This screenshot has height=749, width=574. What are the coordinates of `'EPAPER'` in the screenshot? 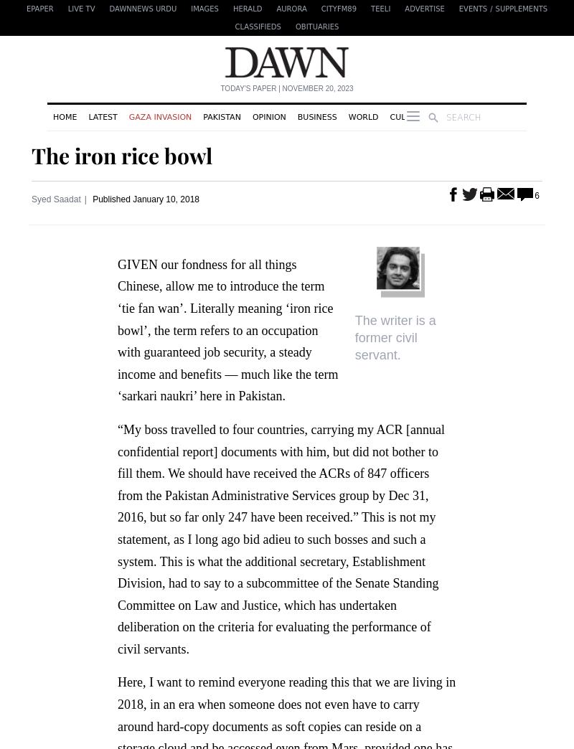 It's located at (39, 8).